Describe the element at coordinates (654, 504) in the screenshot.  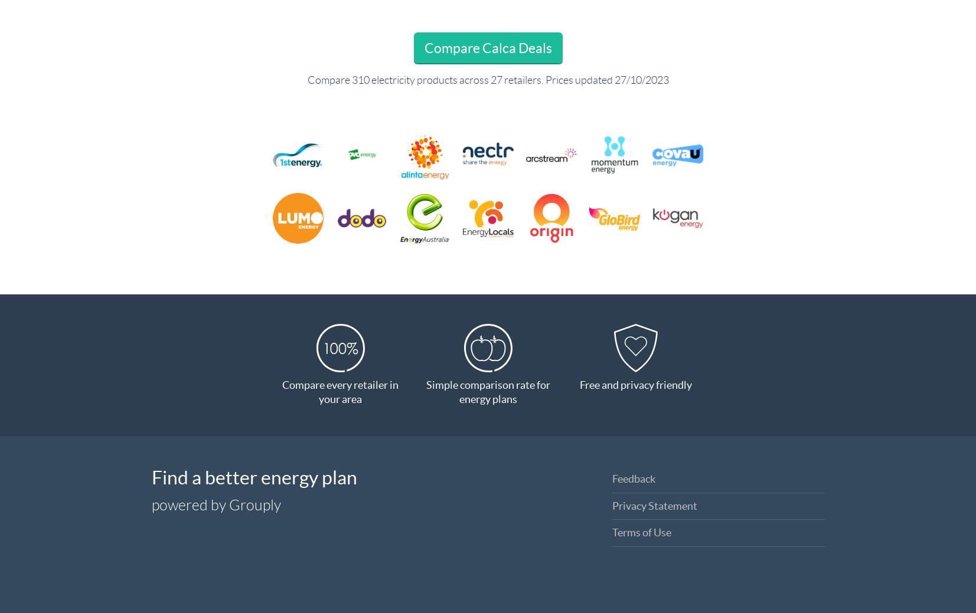
I see `'Privacy Statement'` at that location.